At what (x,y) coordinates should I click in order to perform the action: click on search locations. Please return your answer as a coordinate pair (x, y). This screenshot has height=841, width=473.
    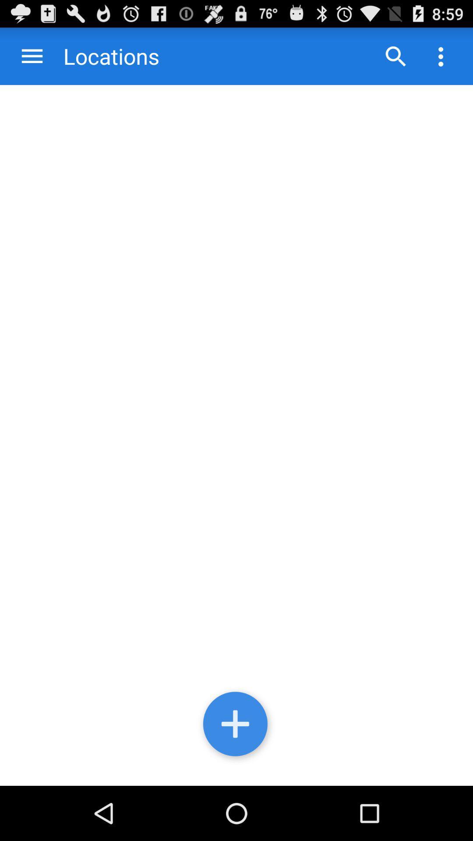
    Looking at the image, I should click on (395, 56).